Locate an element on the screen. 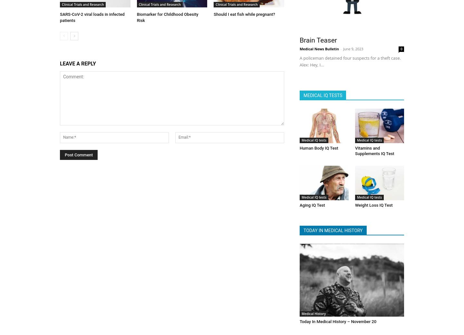 The height and width of the screenshot is (335, 464). 'Brain Teaser' is located at coordinates (318, 38).